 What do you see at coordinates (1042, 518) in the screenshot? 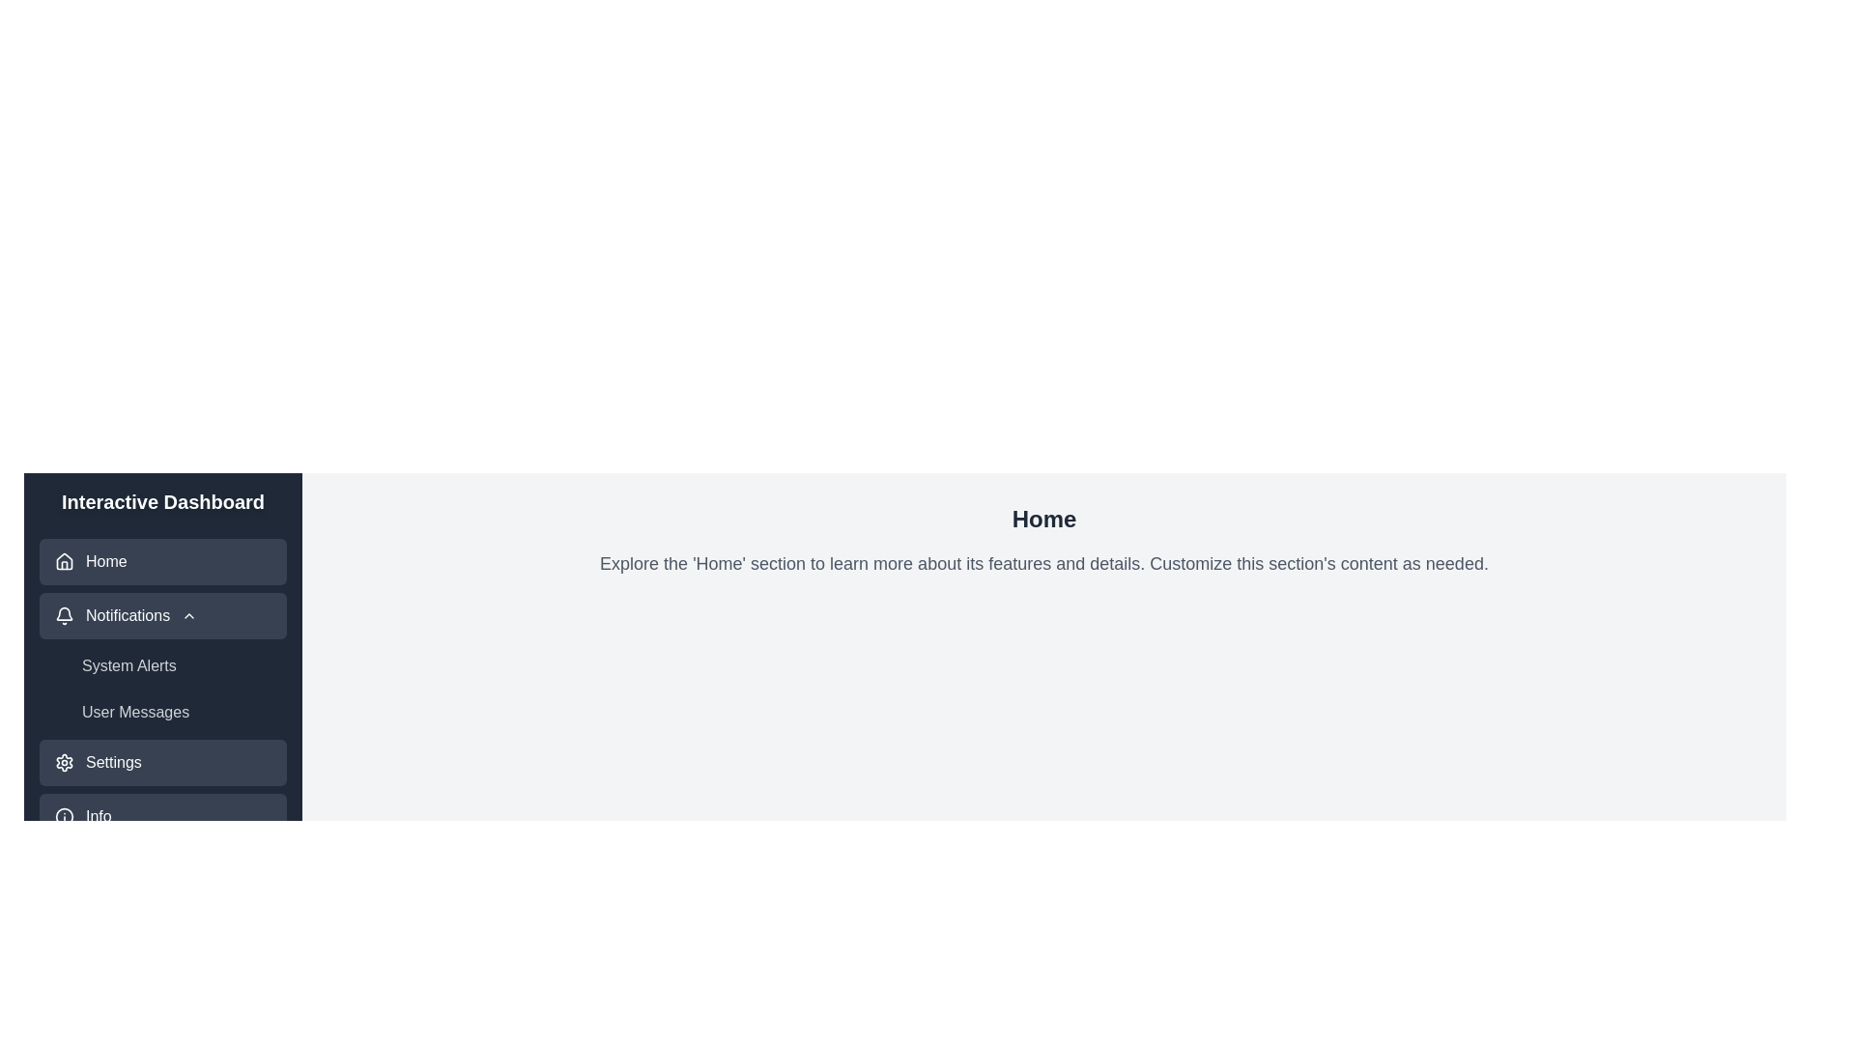
I see `the 'Home' text element, which is displayed in a large, bold gray-black font and is positioned as a header above the descriptive text` at bounding box center [1042, 518].